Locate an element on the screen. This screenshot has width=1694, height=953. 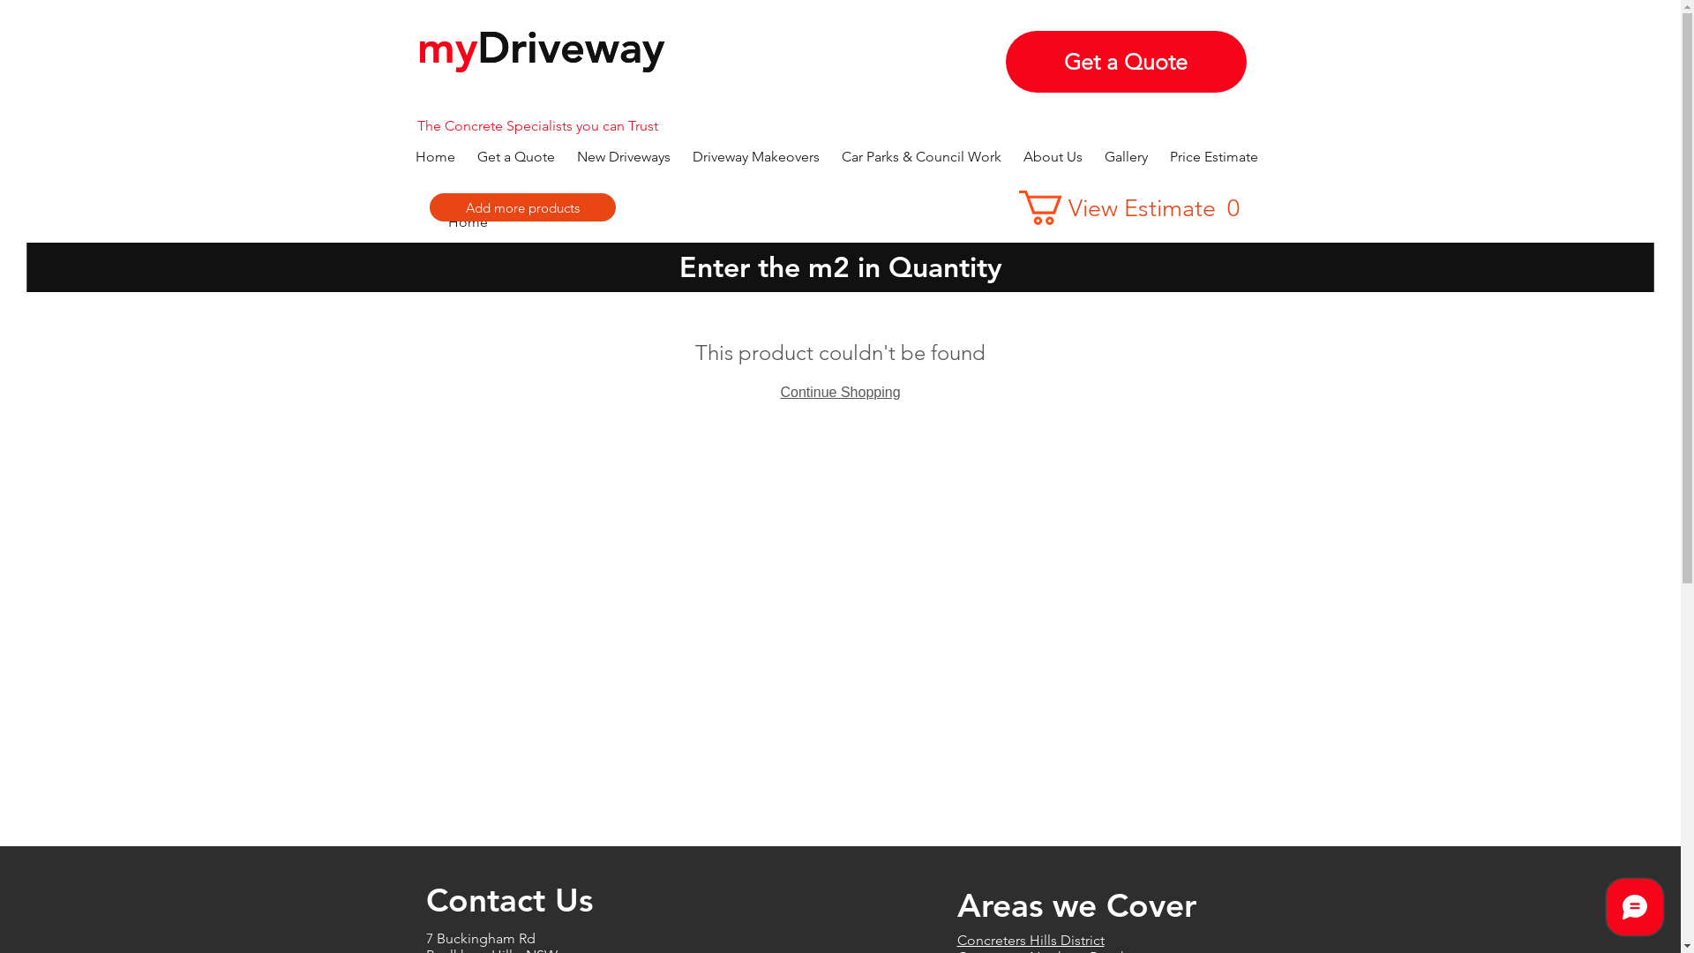
'Home' is located at coordinates (448, 221).